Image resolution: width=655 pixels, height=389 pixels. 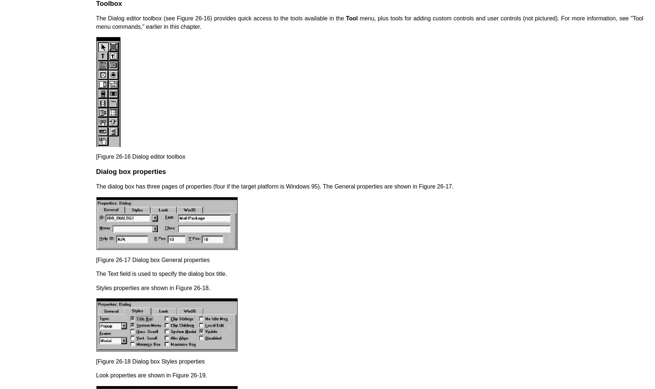 I want to click on 'Dialog box properties', so click(x=131, y=171).